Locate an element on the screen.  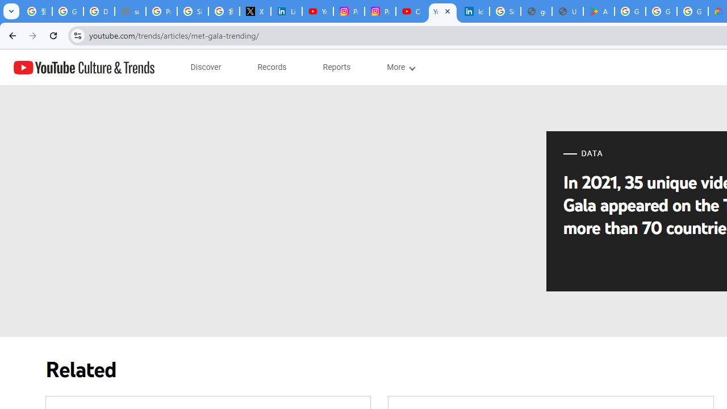
'Android Apps on Google Play' is located at coordinates (598, 11).